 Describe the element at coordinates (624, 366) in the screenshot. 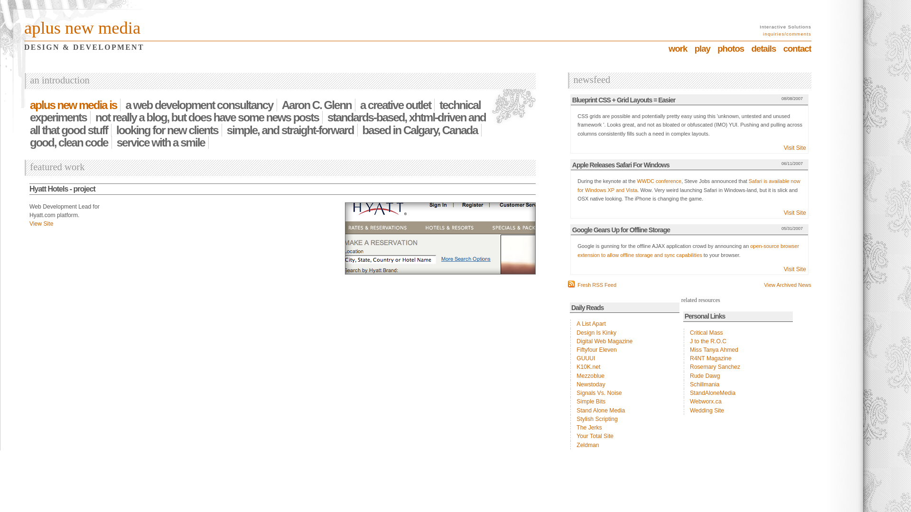

I see `'K10K.net'` at that location.